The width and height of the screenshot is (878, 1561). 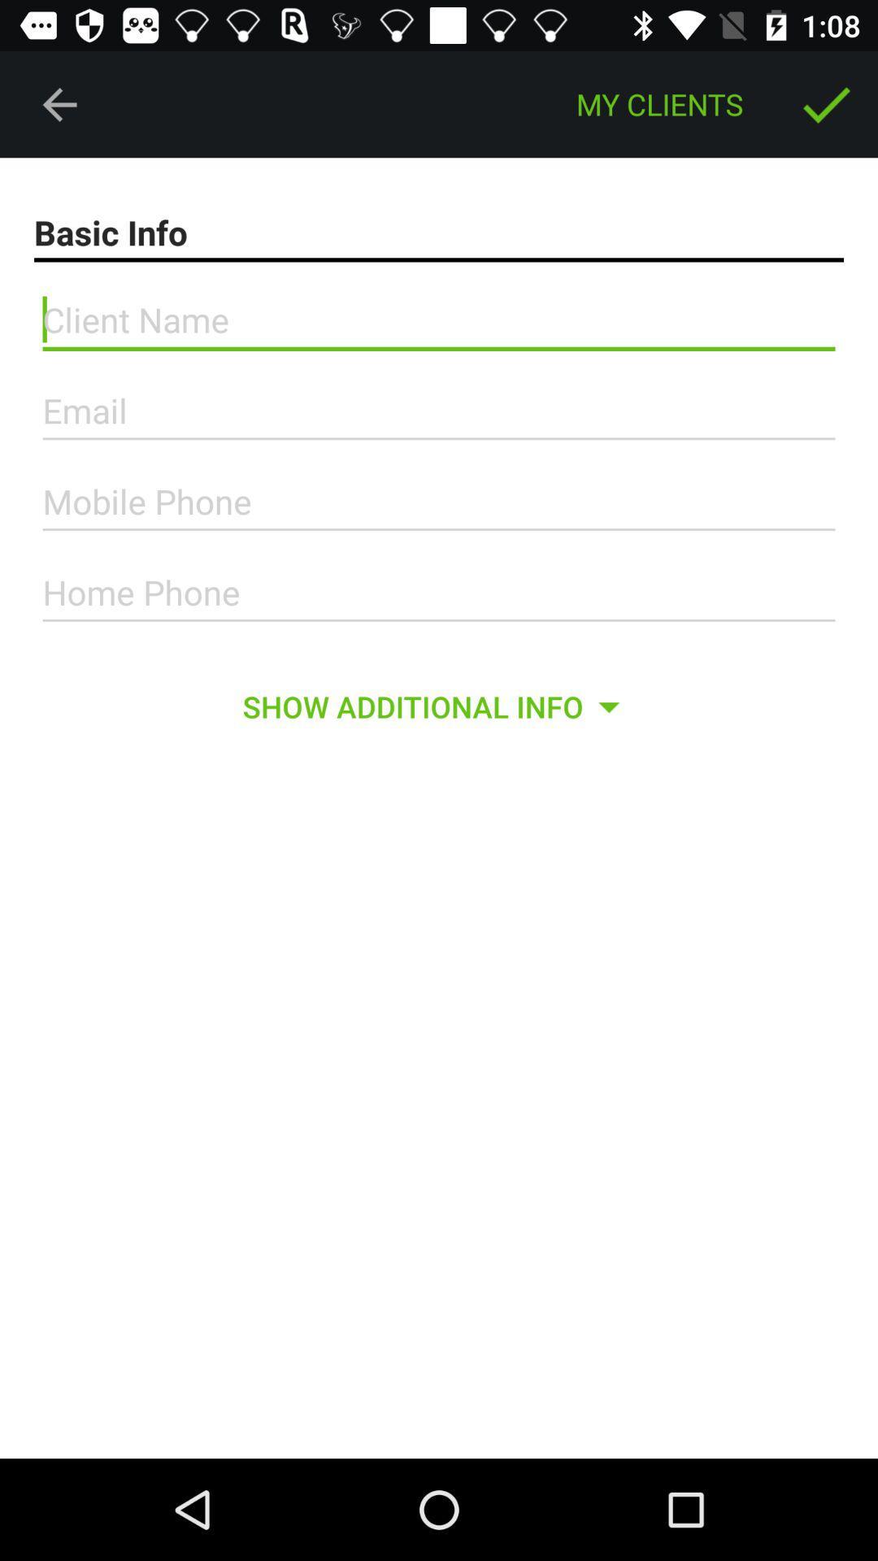 What do you see at coordinates (439, 592) in the screenshot?
I see `contact number` at bounding box center [439, 592].